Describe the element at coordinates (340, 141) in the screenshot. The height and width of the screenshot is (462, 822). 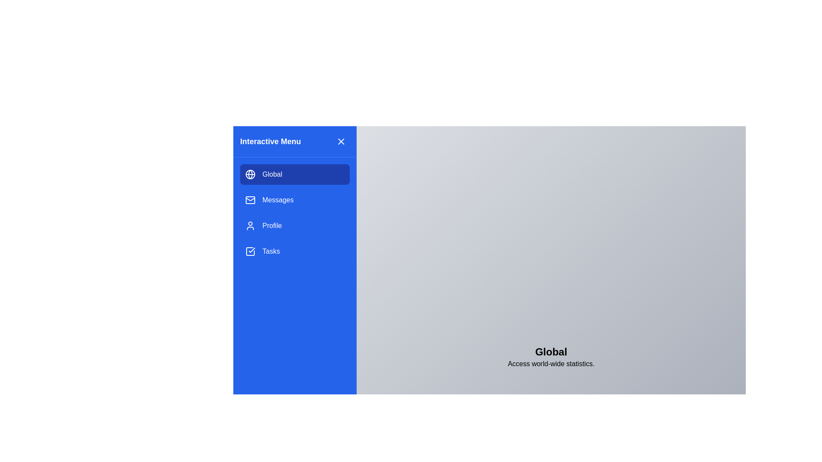
I see `the circular button with a cross icon on a blue background located at the upper-right side of the 'Interactive Menu' panel` at that location.